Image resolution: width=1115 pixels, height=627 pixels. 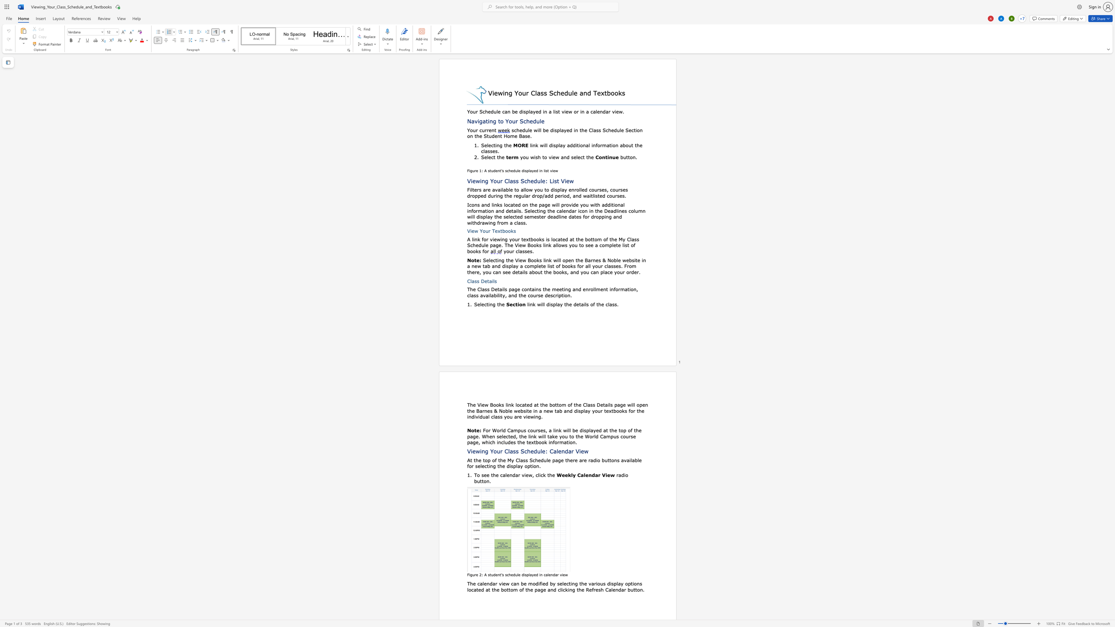 I want to click on the space between the continuous character "D" and "e" in the text, so click(x=599, y=404).